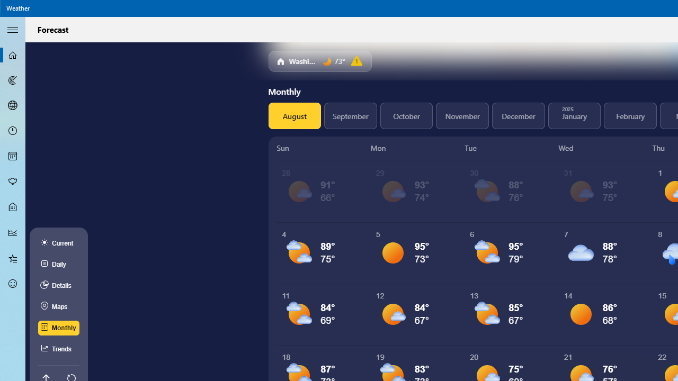 The height and width of the screenshot is (381, 678). What do you see at coordinates (13, 156) in the screenshot?
I see `'Monthly Forecast - Not Selected'` at bounding box center [13, 156].